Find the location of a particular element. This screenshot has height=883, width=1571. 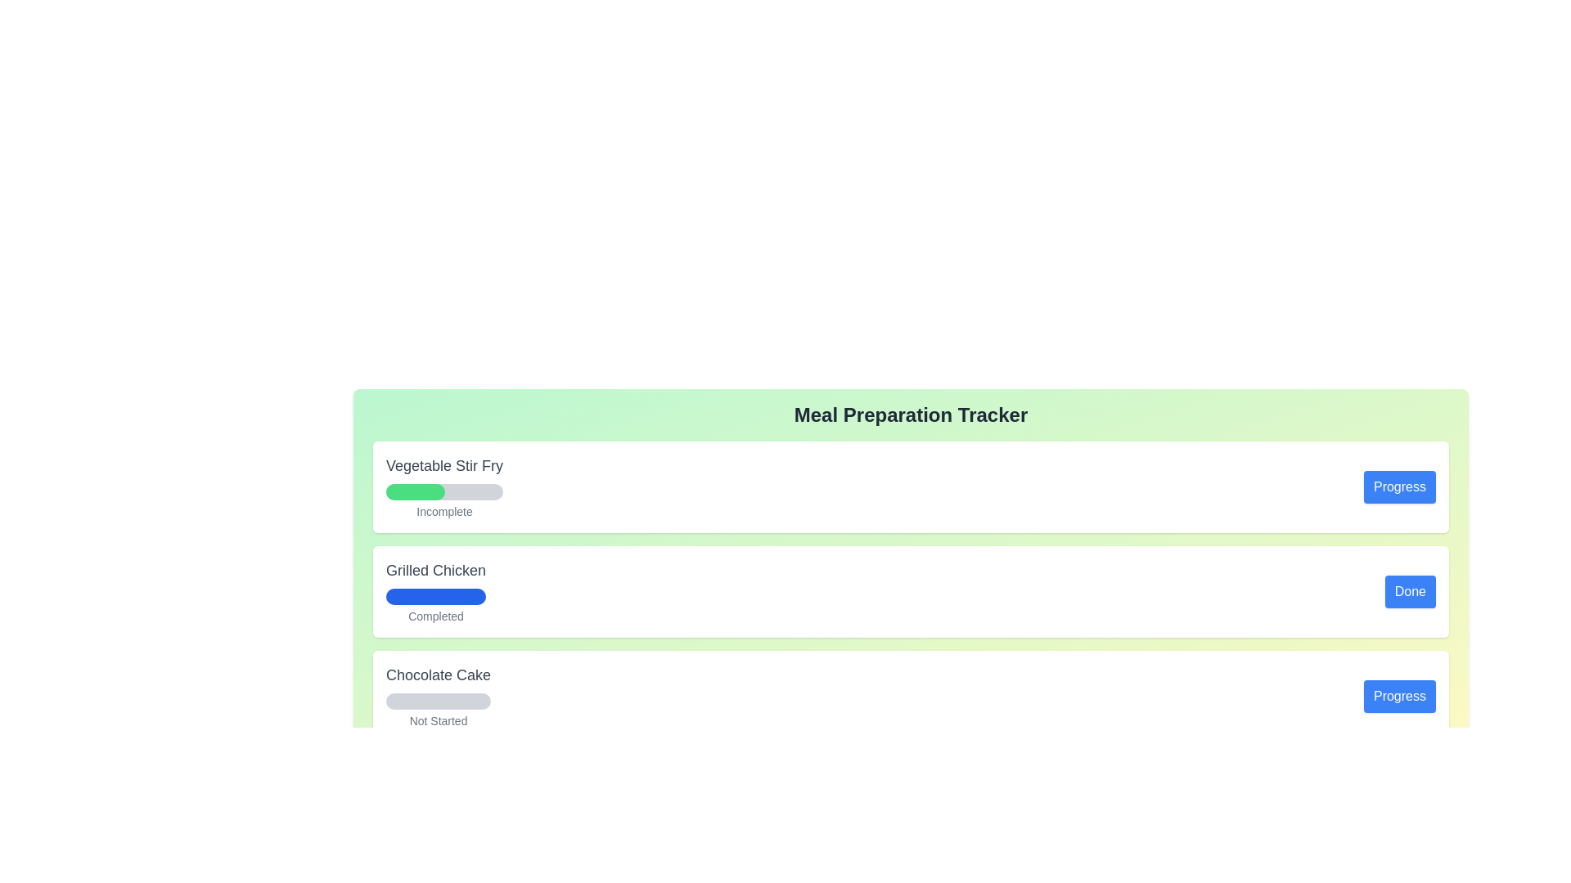

the static text component that identifies the 'Grilled Chicken' task, which is positioned at the center of its card above the progress bar is located at coordinates (435, 570).